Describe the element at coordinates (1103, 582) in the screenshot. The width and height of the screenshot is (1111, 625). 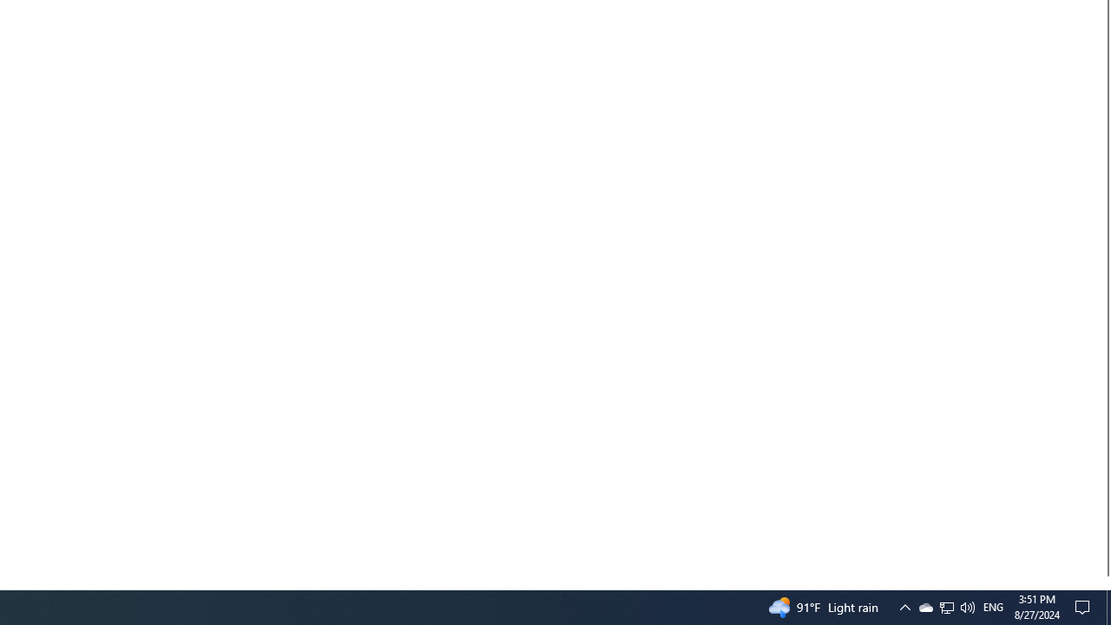
I see `'Vertical Small Increase'` at that location.